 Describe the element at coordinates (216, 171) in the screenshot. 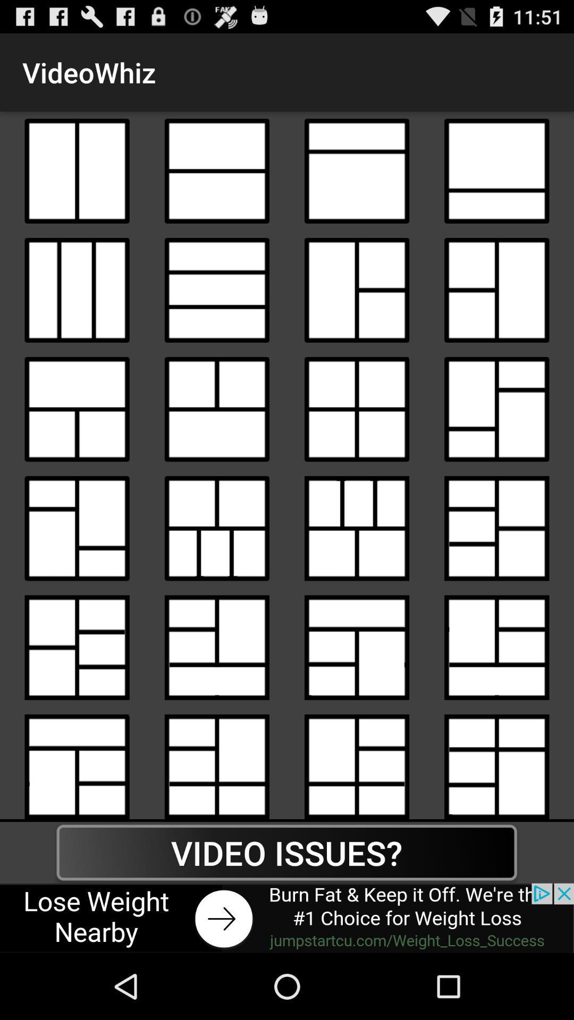

I see `video view` at that location.